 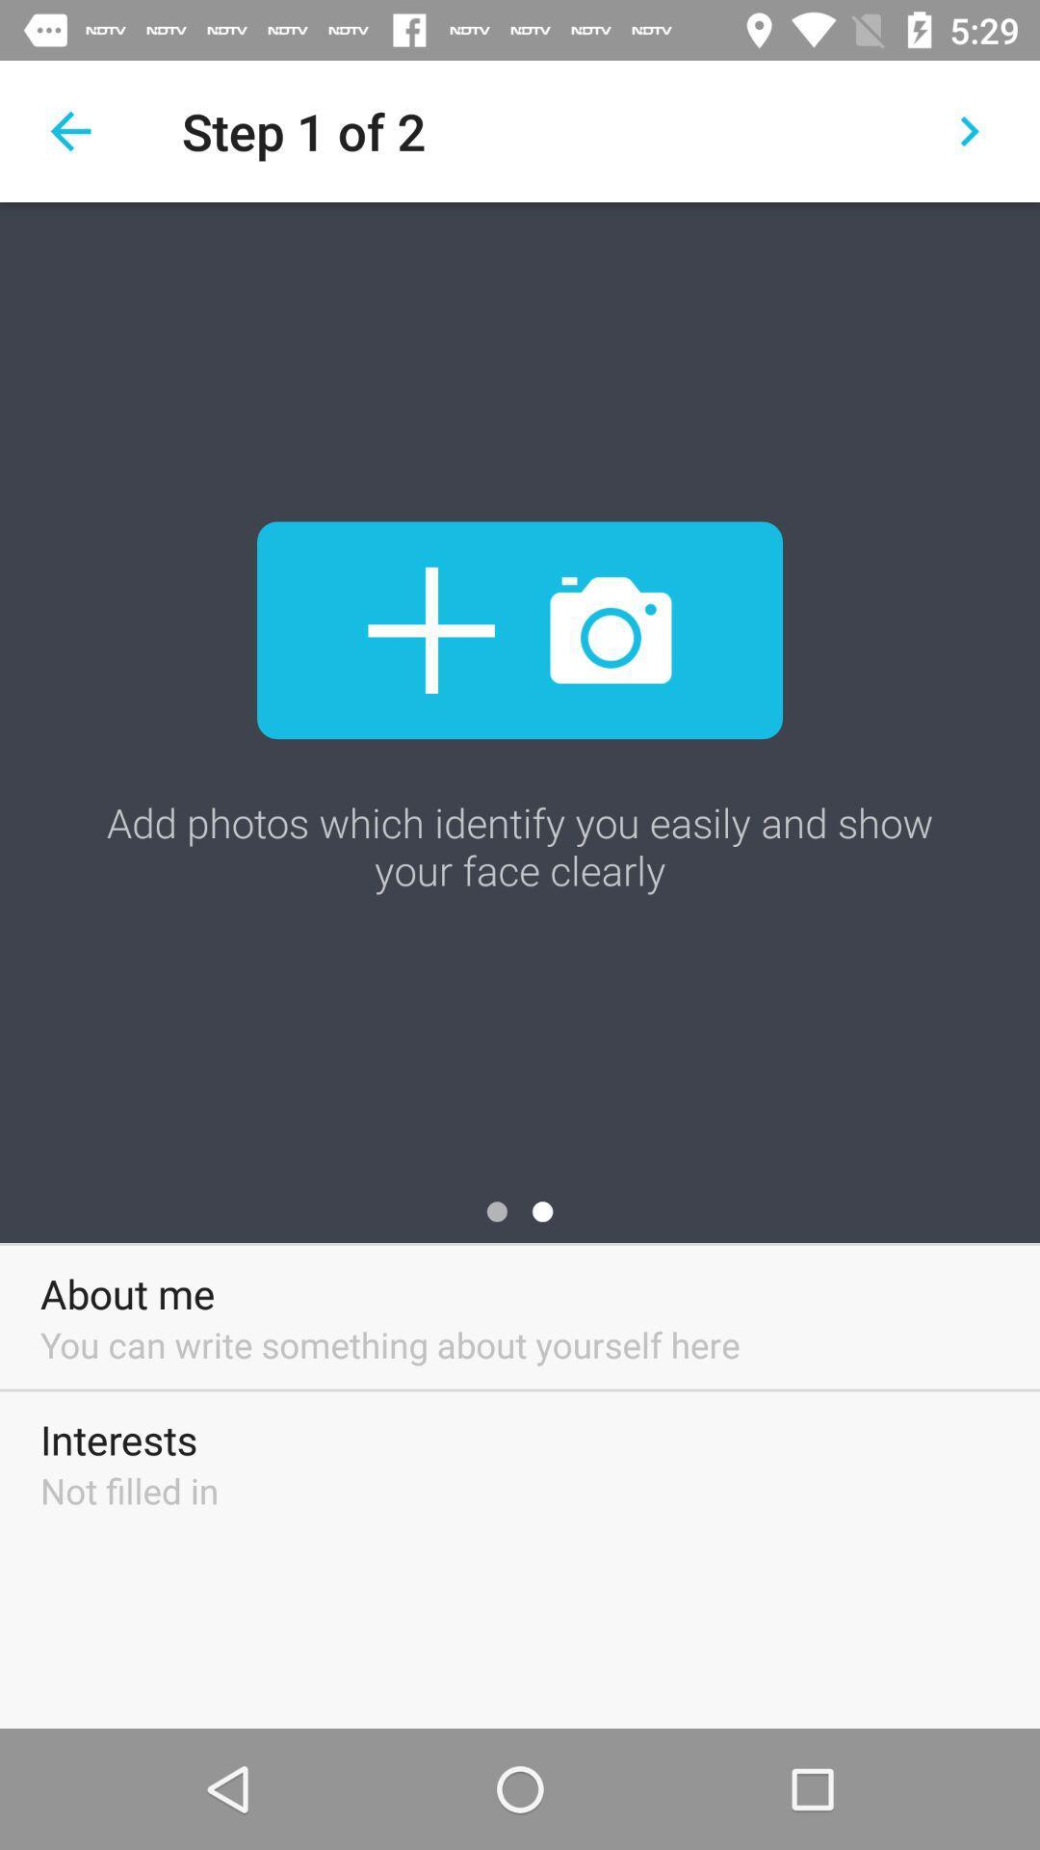 I want to click on the item next to step 1 of item, so click(x=69, y=130).